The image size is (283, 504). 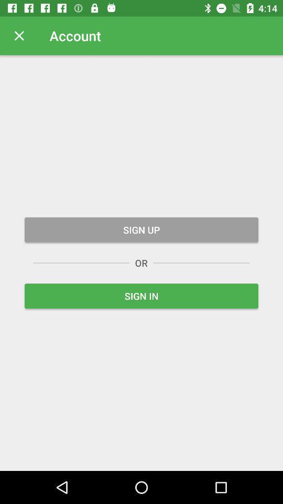 I want to click on the icon above sign up item, so click(x=19, y=36).